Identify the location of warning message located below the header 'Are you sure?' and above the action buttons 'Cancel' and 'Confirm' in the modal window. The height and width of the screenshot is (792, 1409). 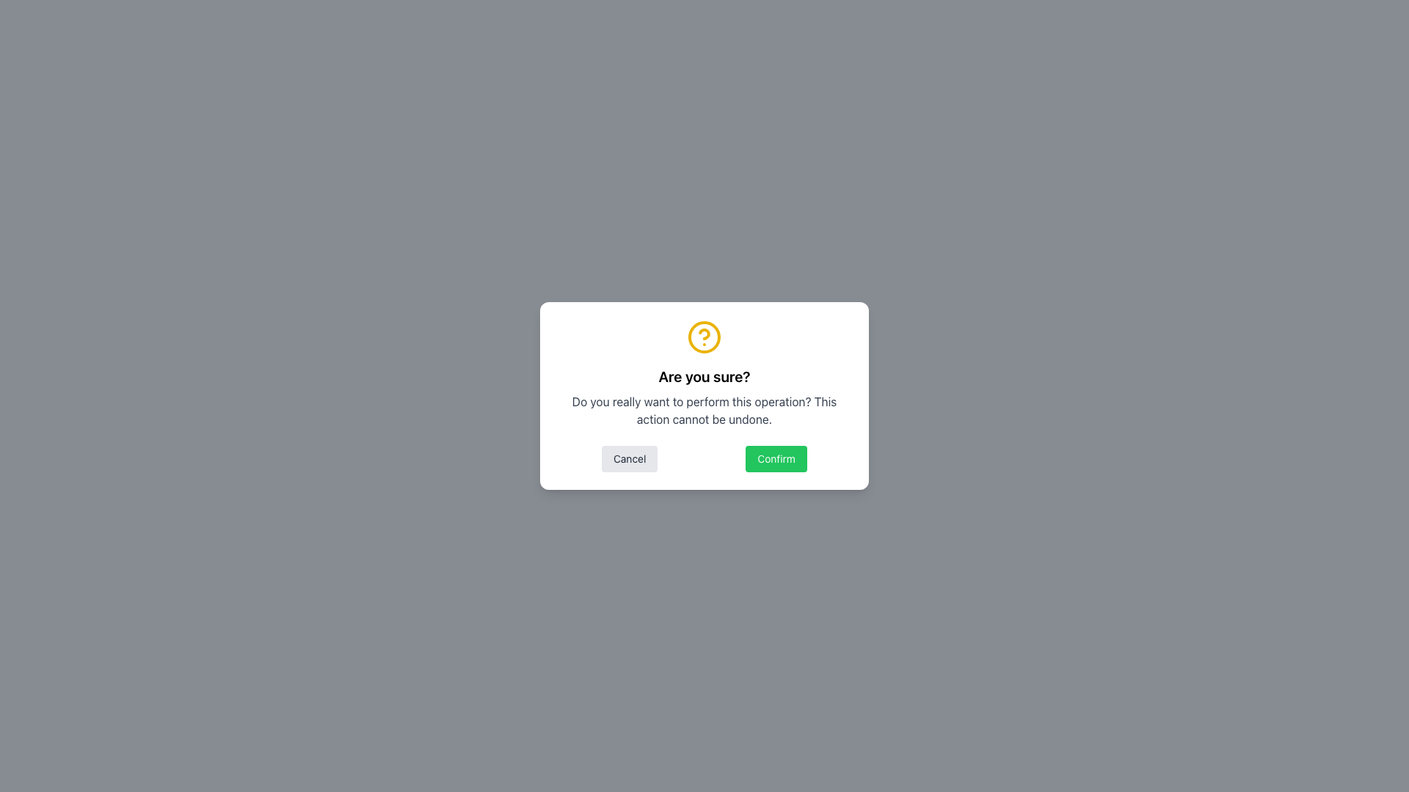
(704, 410).